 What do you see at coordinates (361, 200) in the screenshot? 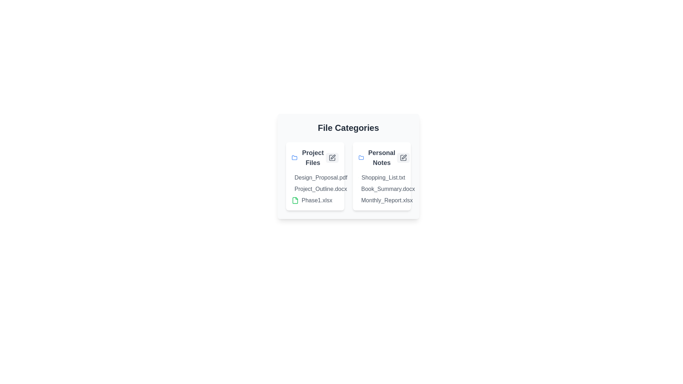
I see `the document icon corresponding to Monthly_Report.xlsx` at bounding box center [361, 200].